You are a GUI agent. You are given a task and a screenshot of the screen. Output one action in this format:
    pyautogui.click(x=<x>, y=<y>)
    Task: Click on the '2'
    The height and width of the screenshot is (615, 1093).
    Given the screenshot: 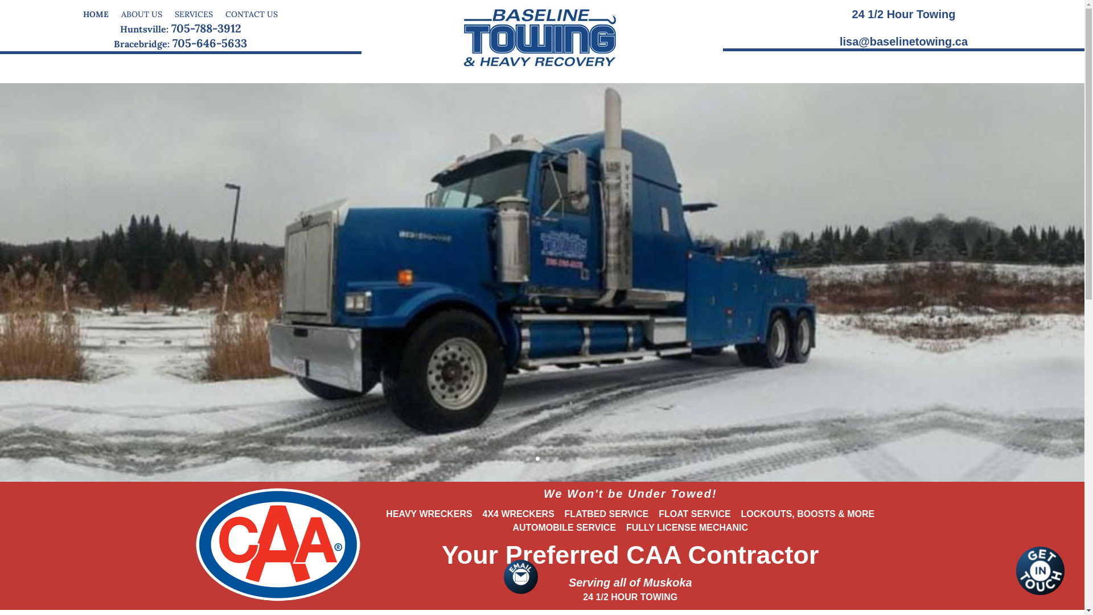 What is the action you would take?
    pyautogui.click(x=535, y=458)
    